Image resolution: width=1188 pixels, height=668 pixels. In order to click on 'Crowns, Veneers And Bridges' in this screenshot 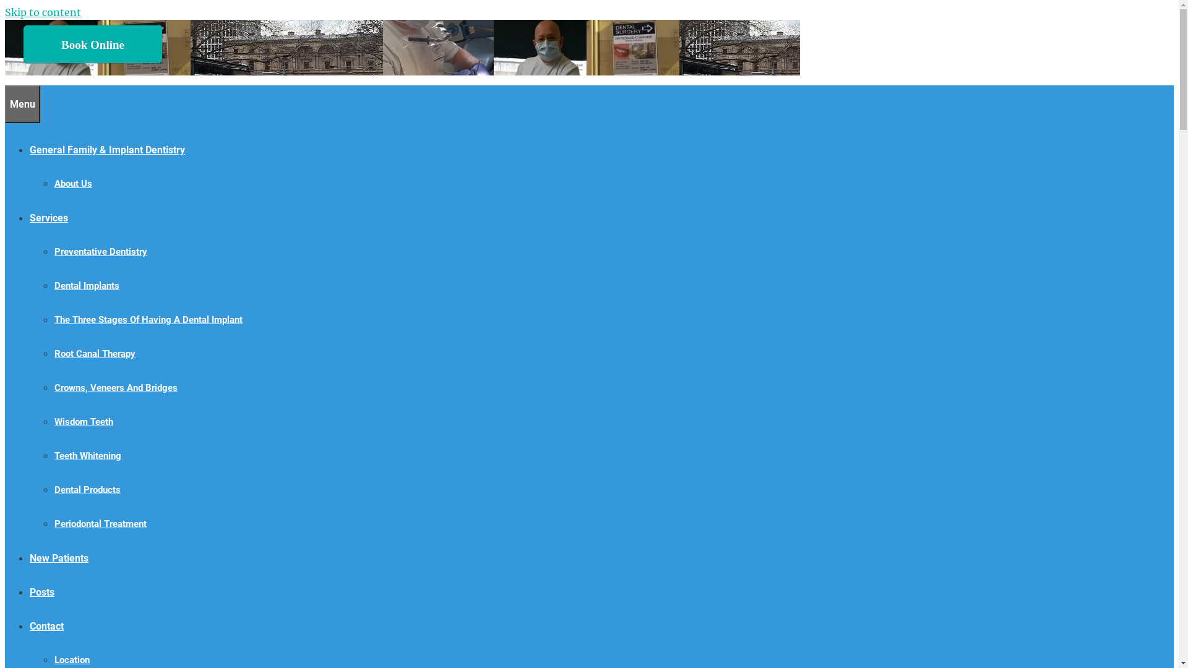, I will do `click(116, 387)`.